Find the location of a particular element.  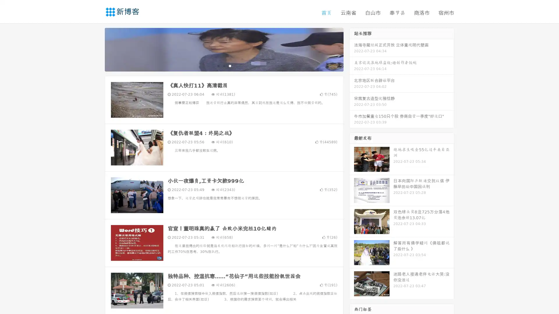

Go to slide 3 is located at coordinates (230, 65).